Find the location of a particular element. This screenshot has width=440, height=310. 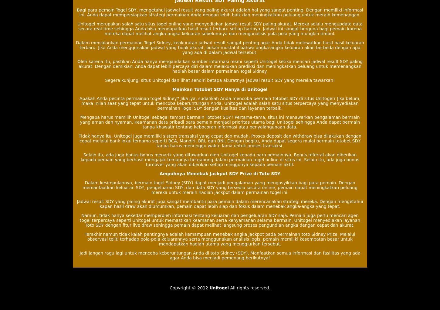

'Unitogel' is located at coordinates (218, 288).